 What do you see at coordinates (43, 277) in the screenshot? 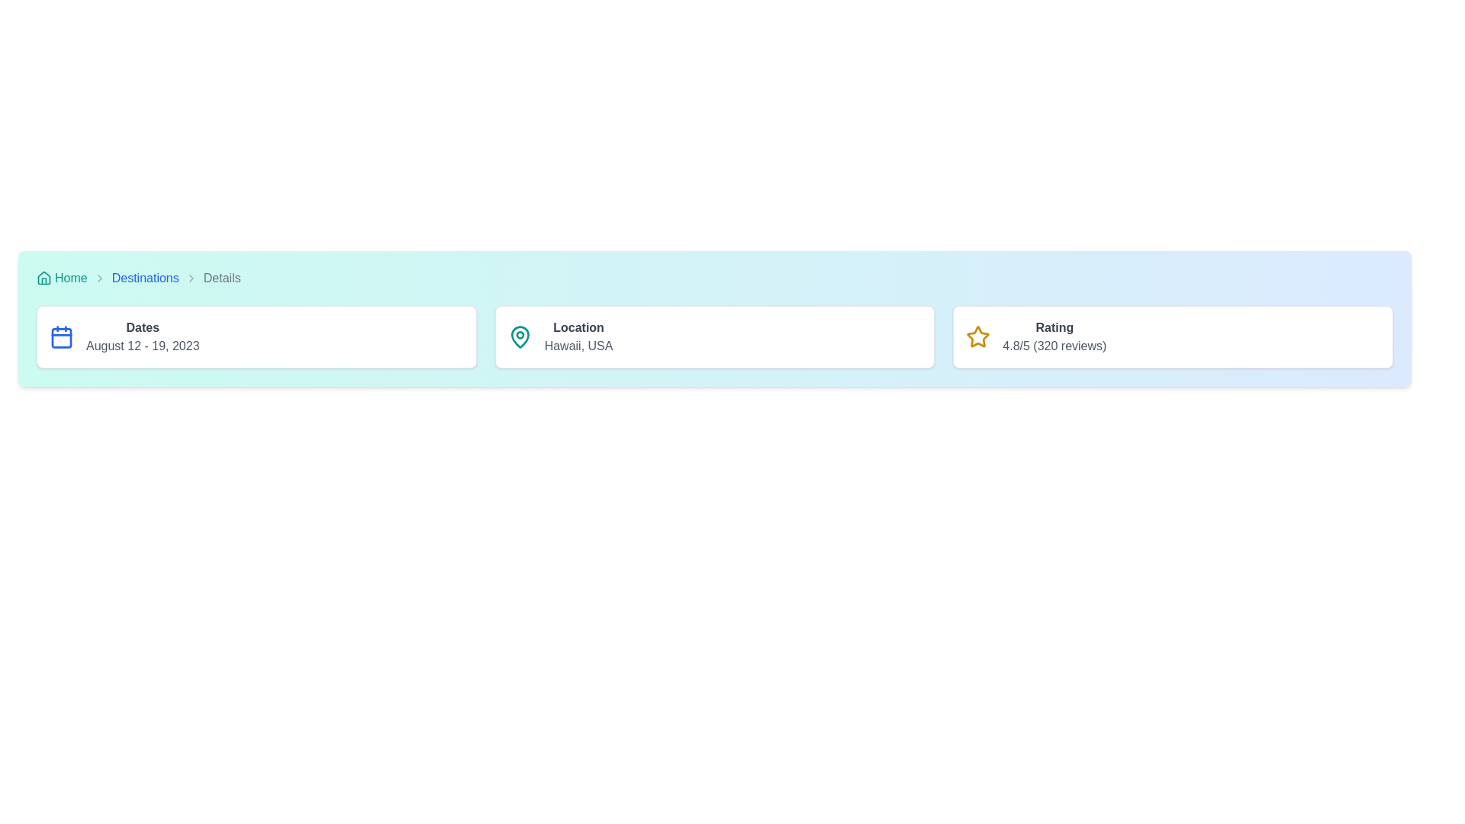
I see `the 'Home' graphic icon in the breadcrumb navigation, which is the first icon on the left before the text links 'Home', 'Destinations', and 'Details'` at bounding box center [43, 277].